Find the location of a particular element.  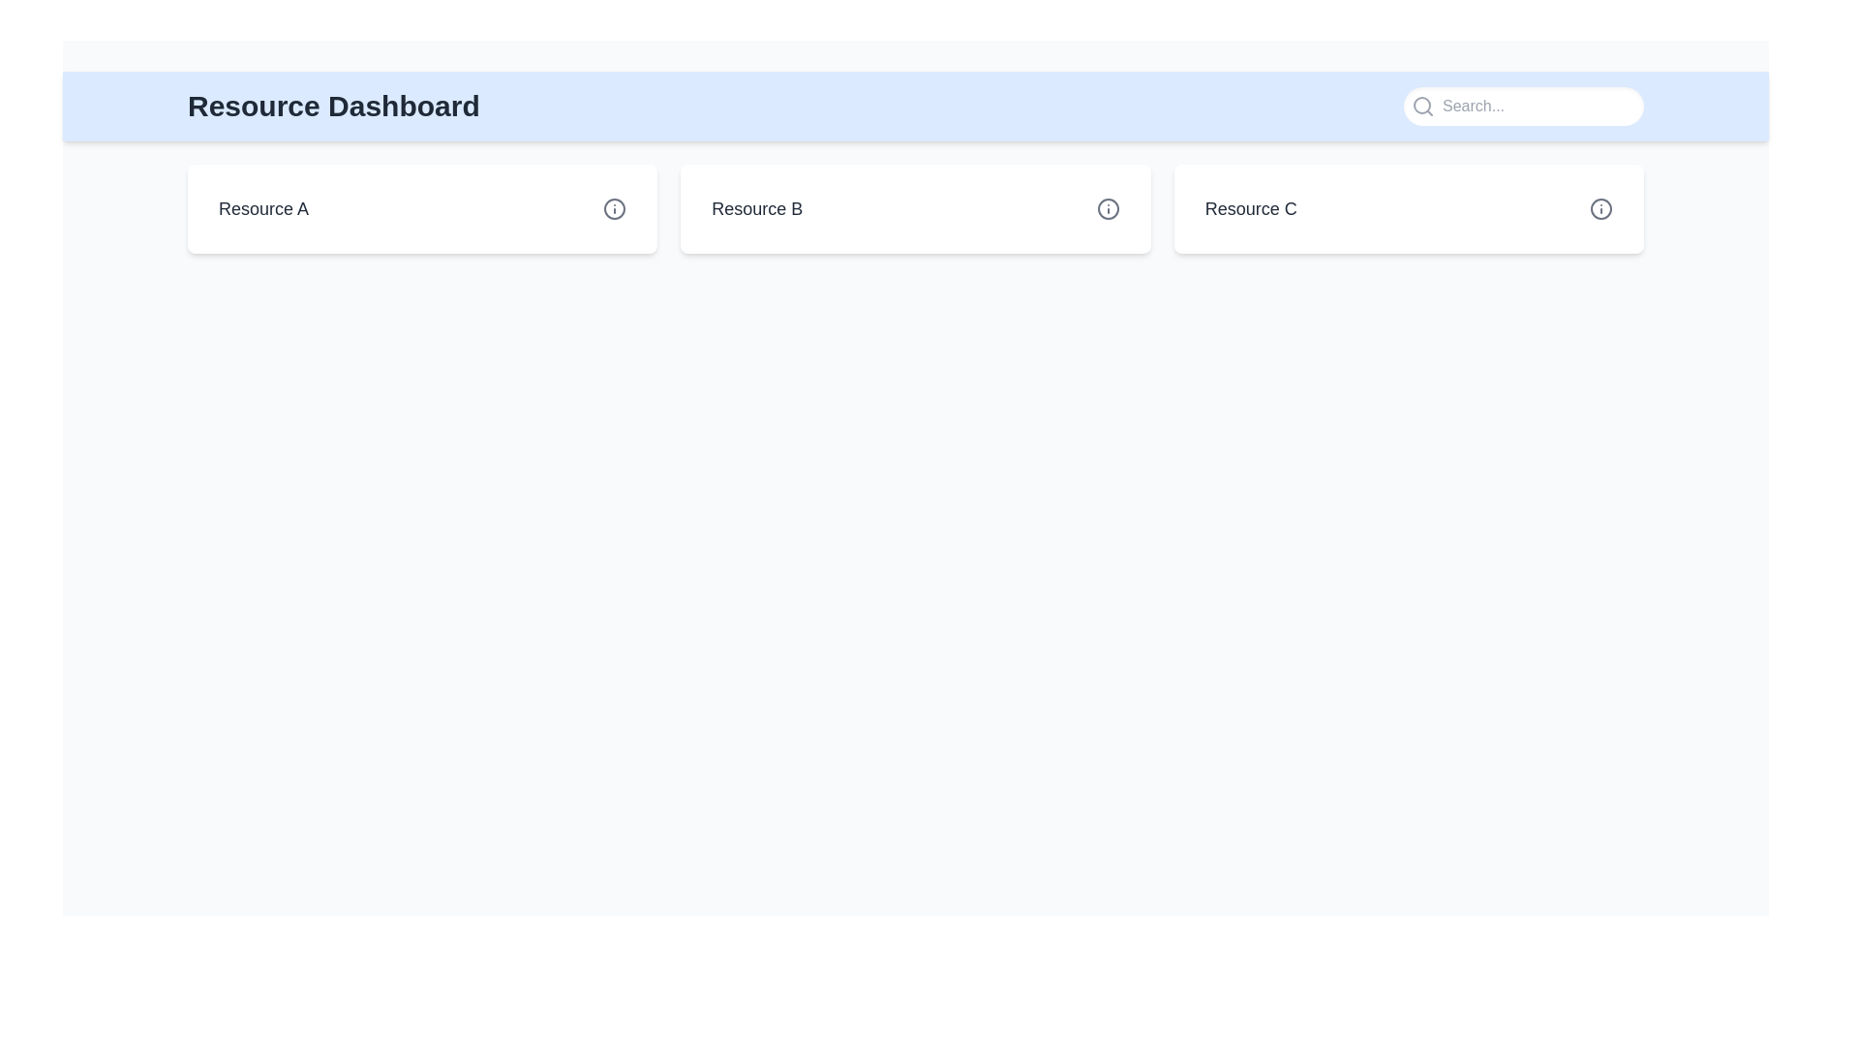

the SVG circle element that represents the circular part of the search icon located near the top-right corner of the interface, slightly to the left of a text input field is located at coordinates (1421, 105).